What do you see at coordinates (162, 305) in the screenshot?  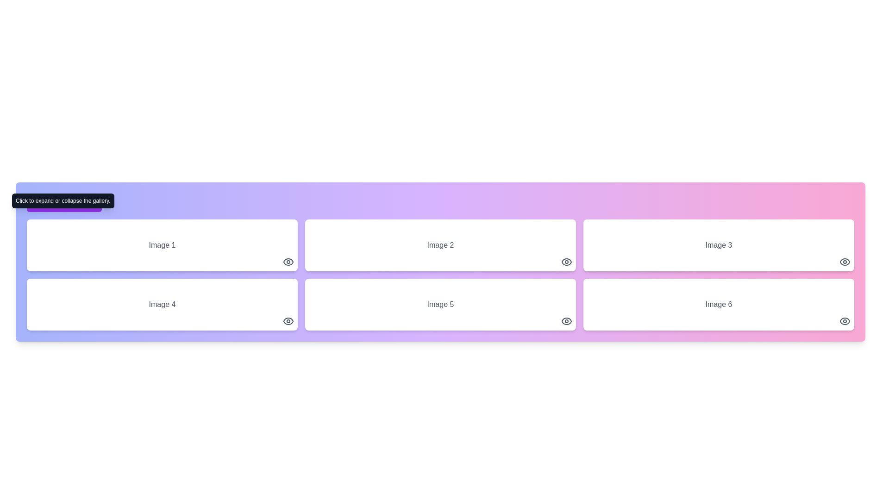 I see `text content of the Text Label located in the bottom left quadrant of the grid layout, specifically in the second row and first column of the displayed content blocks` at bounding box center [162, 305].